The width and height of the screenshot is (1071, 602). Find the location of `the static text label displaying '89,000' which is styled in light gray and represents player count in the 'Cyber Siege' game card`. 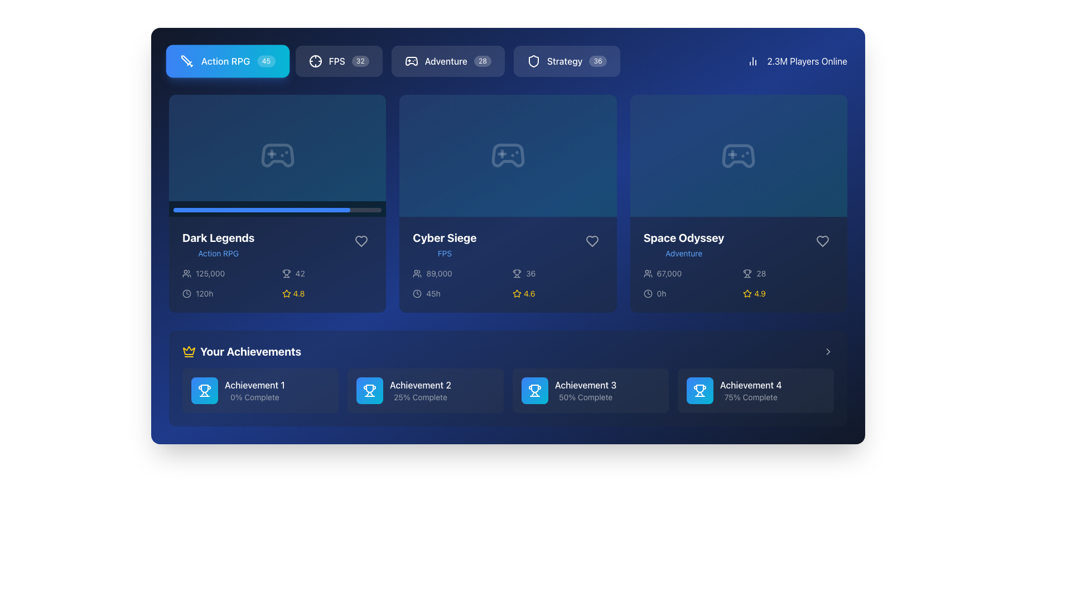

the static text label displaying '89,000' which is styled in light gray and represents player count in the 'Cyber Siege' game card is located at coordinates (438, 273).